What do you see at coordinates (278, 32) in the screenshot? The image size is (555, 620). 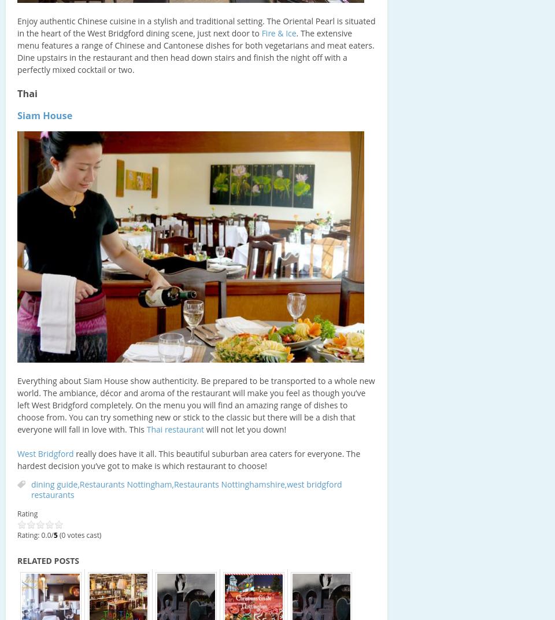 I see `'Fire & Ice'` at bounding box center [278, 32].